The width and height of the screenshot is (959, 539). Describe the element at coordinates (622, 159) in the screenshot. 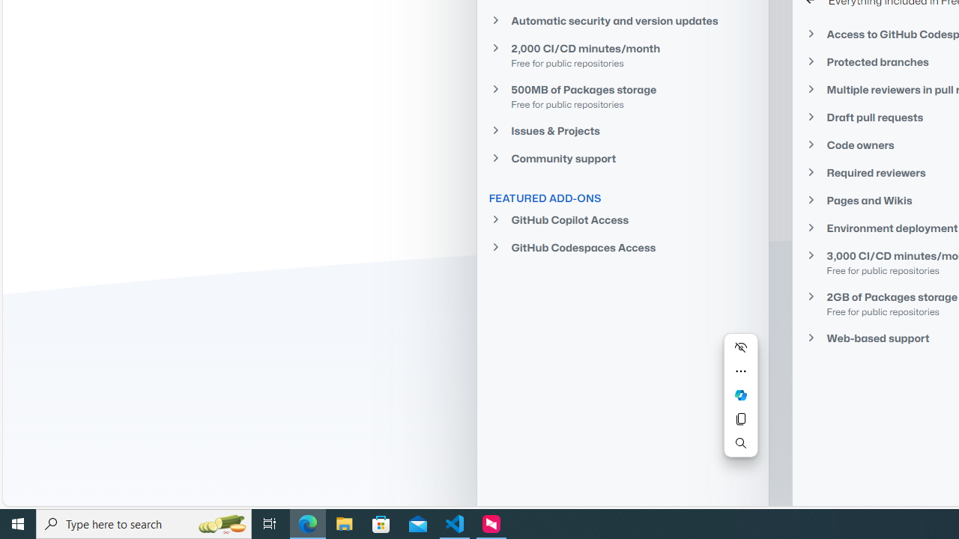

I see `'Community support'` at that location.